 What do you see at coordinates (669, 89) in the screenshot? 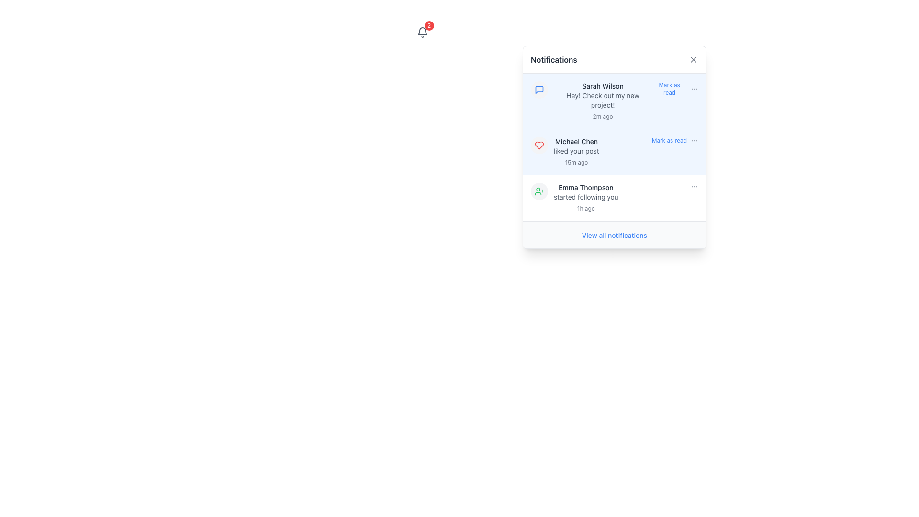
I see `the 'Mark as read' text link` at bounding box center [669, 89].